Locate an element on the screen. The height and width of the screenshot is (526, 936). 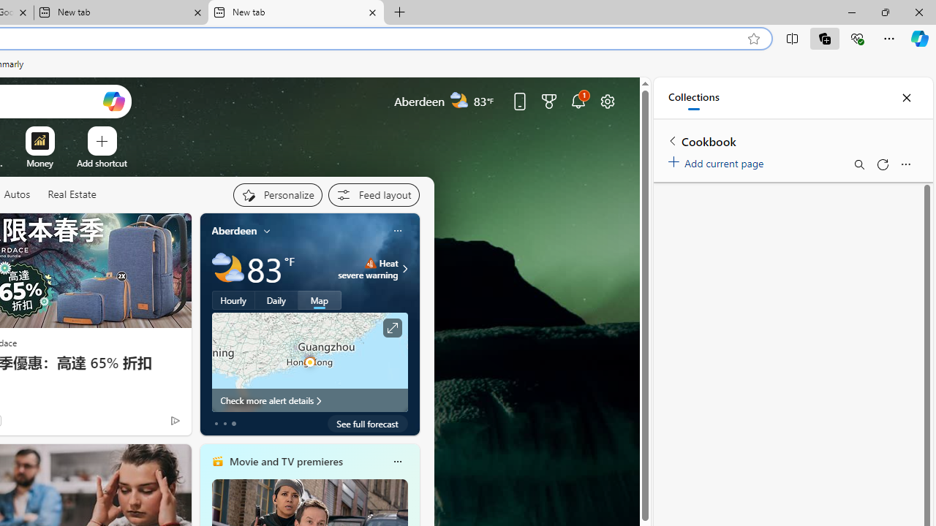
'More options menu' is located at coordinates (905, 164).